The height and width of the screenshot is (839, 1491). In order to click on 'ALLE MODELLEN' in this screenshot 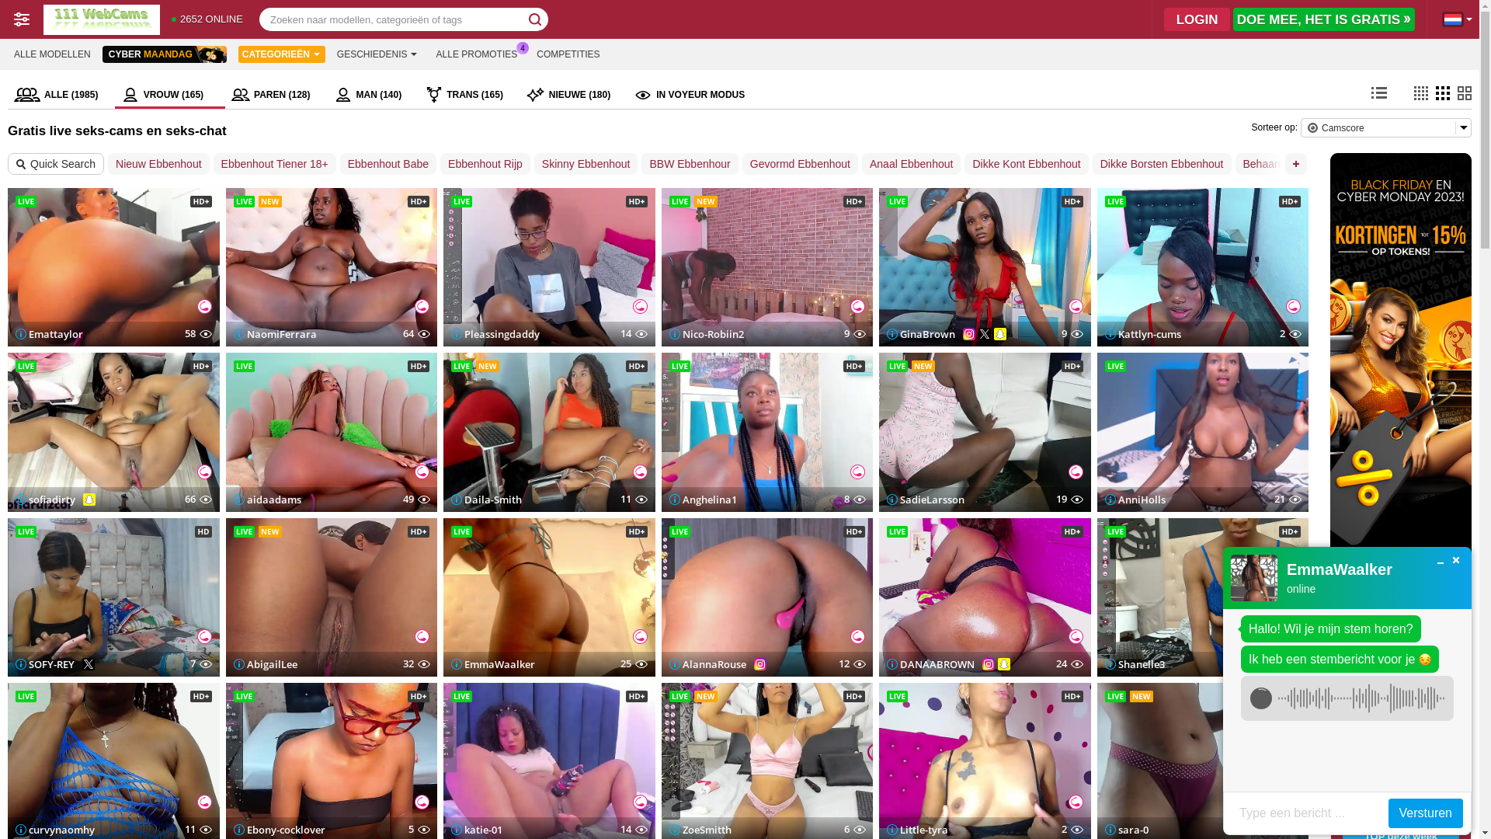, I will do `click(52, 53)`.